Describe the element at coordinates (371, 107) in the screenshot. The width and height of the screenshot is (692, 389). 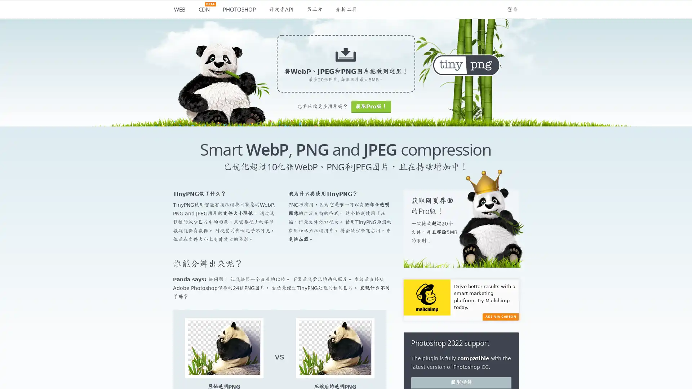
I see `Pro!` at that location.